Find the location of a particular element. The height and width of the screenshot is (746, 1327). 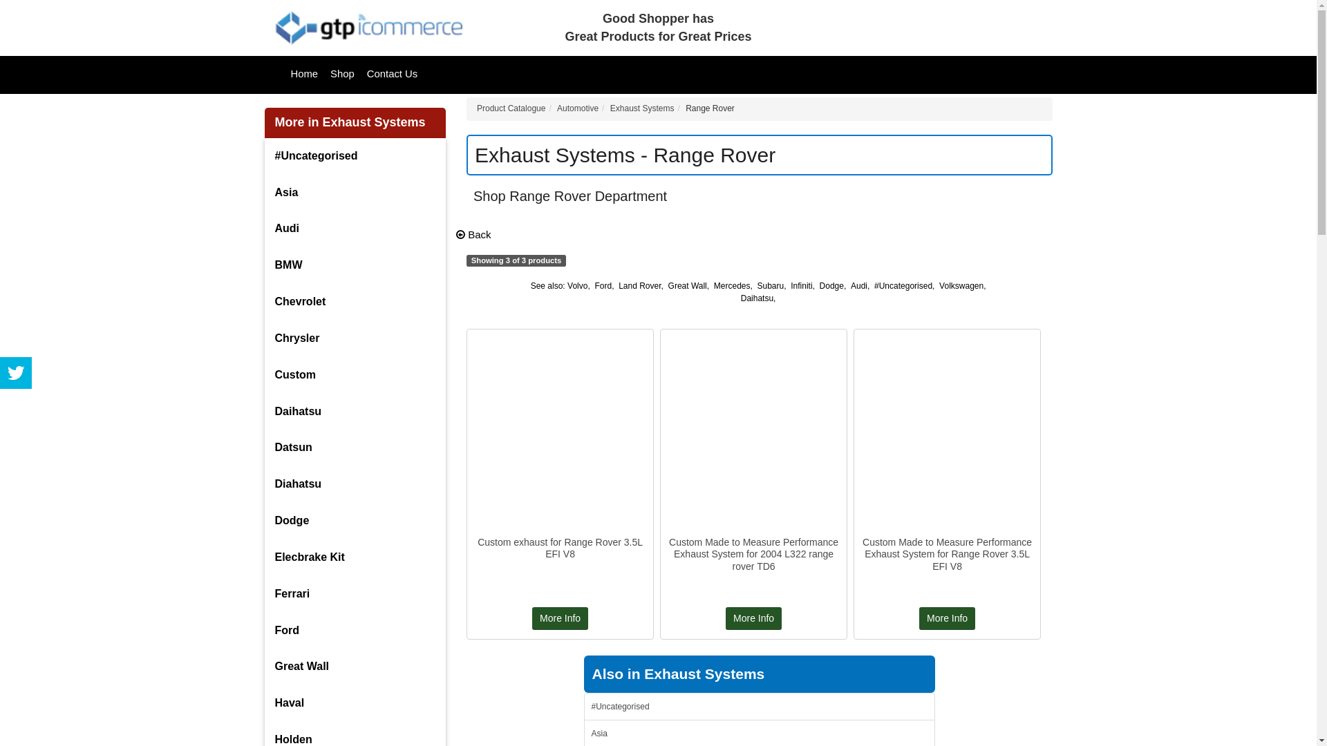

'Ferrari' is located at coordinates (264, 593).